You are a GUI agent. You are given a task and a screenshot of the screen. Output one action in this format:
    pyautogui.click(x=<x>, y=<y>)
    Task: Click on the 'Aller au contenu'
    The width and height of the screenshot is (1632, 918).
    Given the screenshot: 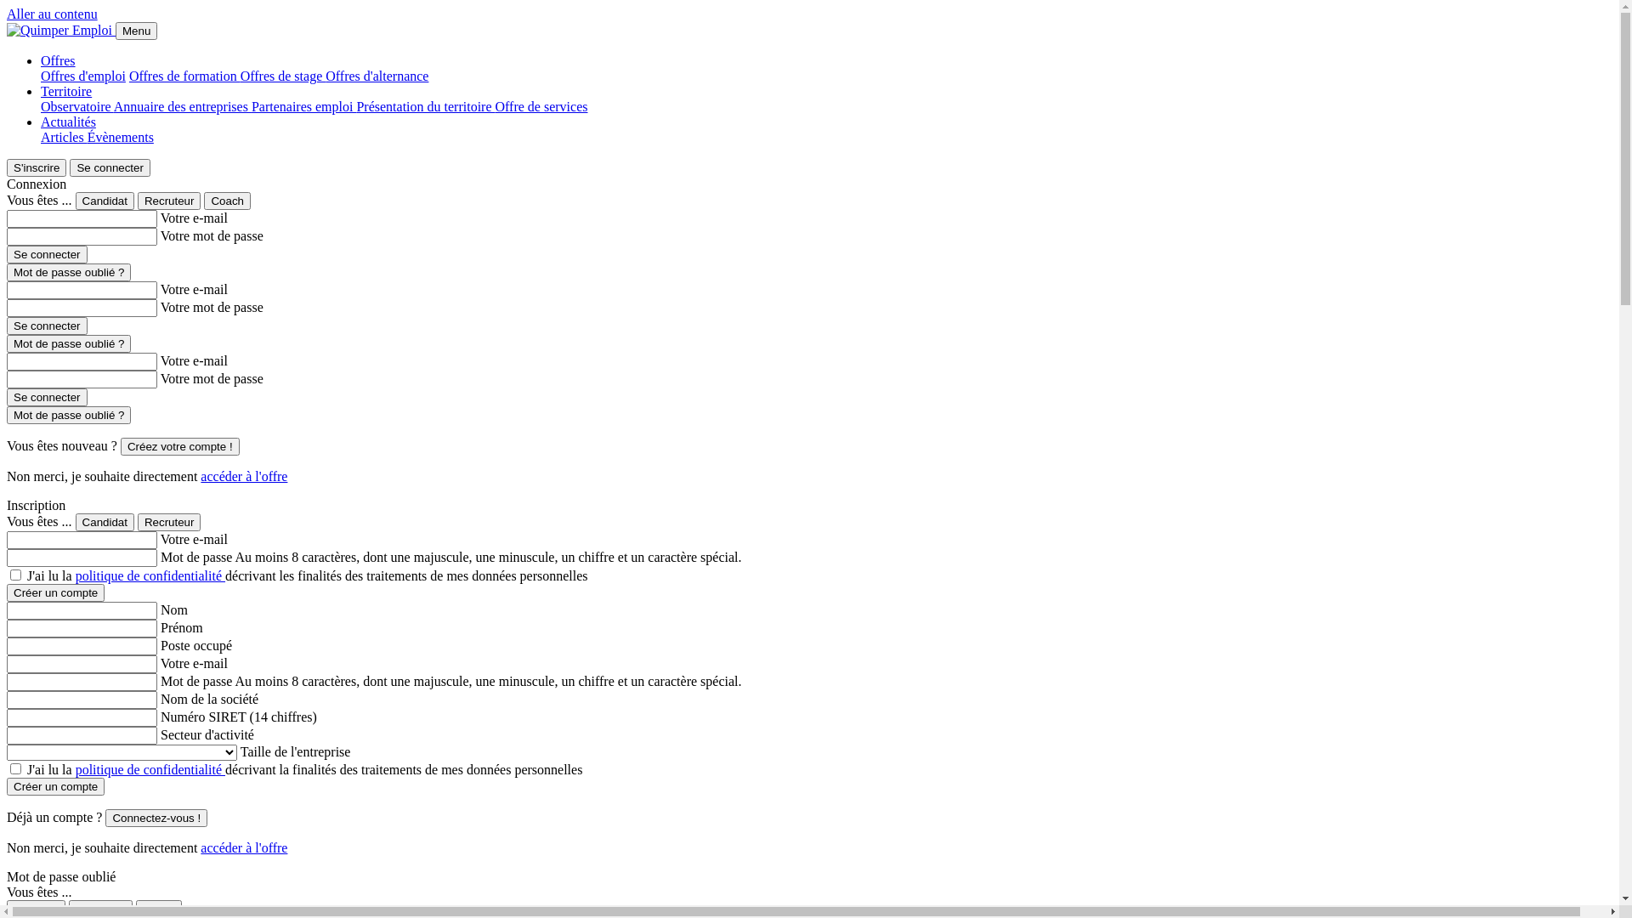 What is the action you would take?
    pyautogui.click(x=52, y=14)
    